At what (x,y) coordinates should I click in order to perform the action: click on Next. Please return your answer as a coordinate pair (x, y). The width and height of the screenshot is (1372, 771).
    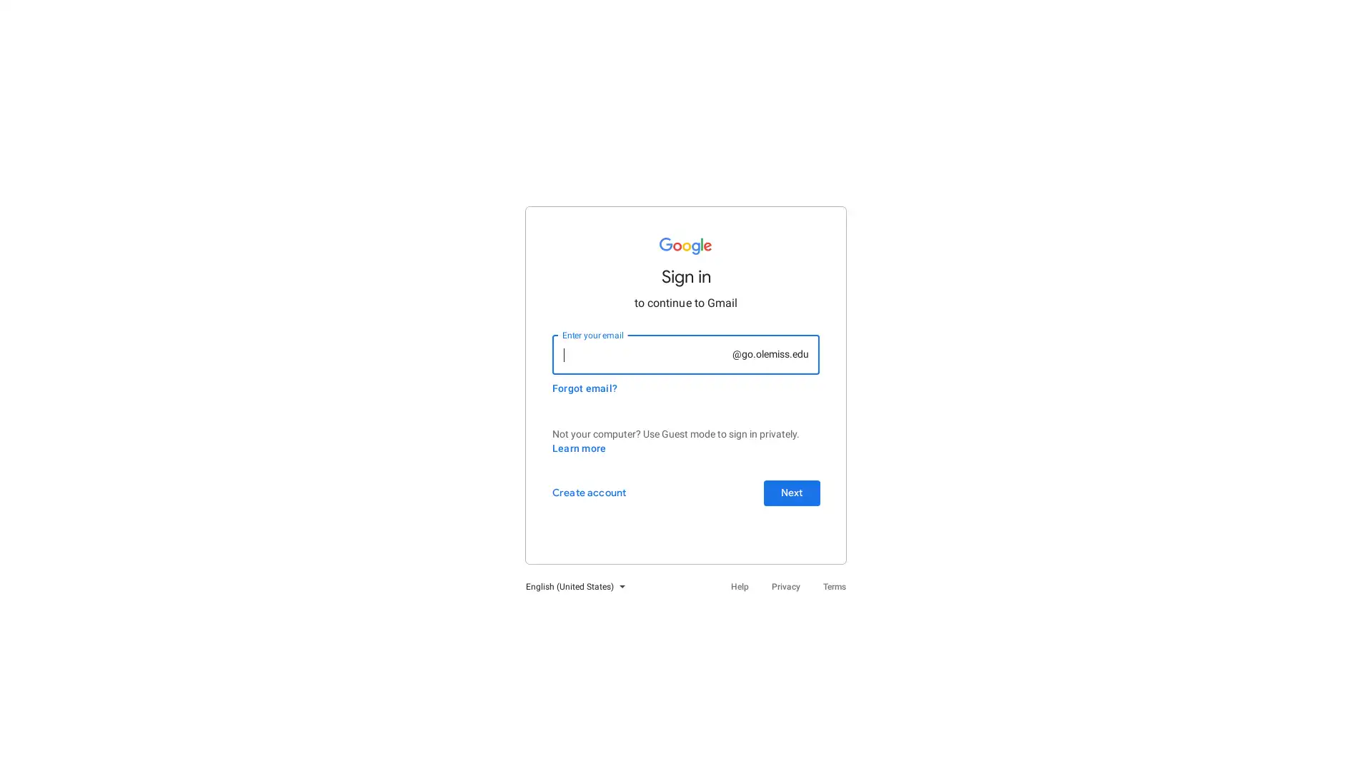
    Looking at the image, I should click on (788, 495).